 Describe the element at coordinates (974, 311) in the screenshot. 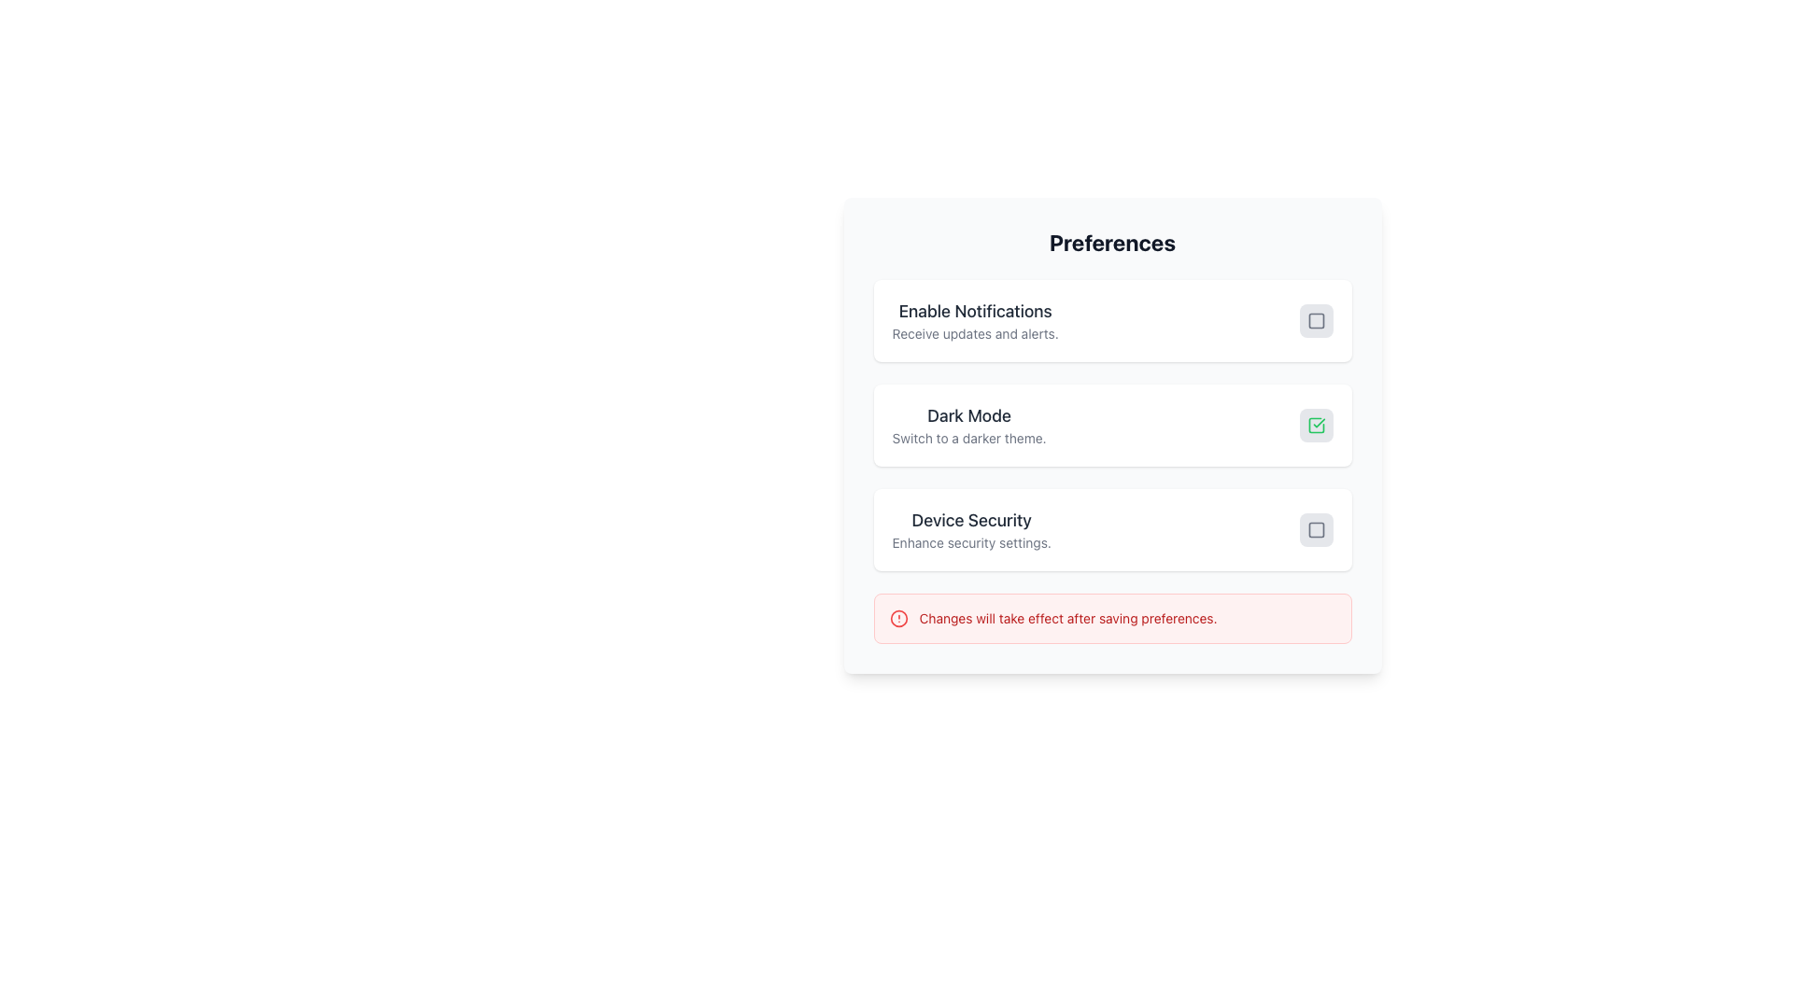

I see `the text label 'Enable Notifications', which is the main heading of the first section in a vertical list layout within a preferences panel, positioned above the text 'Receive updates and alerts.'` at that location.